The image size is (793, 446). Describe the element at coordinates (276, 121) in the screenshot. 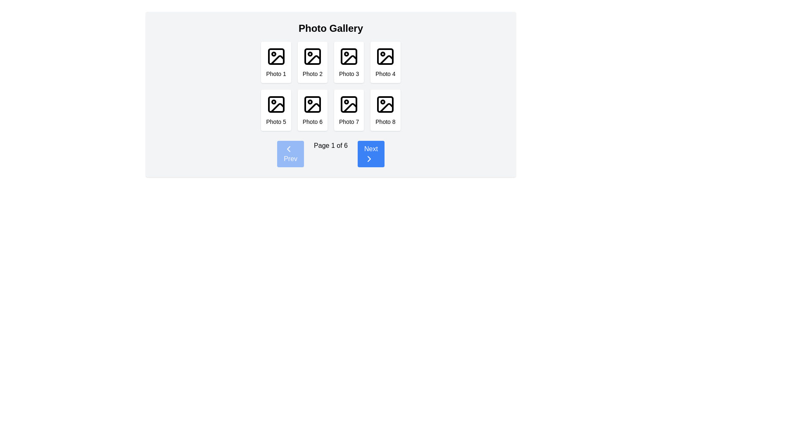

I see `the label displaying the text 'Photo 5', which is located below the picture placeholder icon in the photo gallery grid layout` at that location.